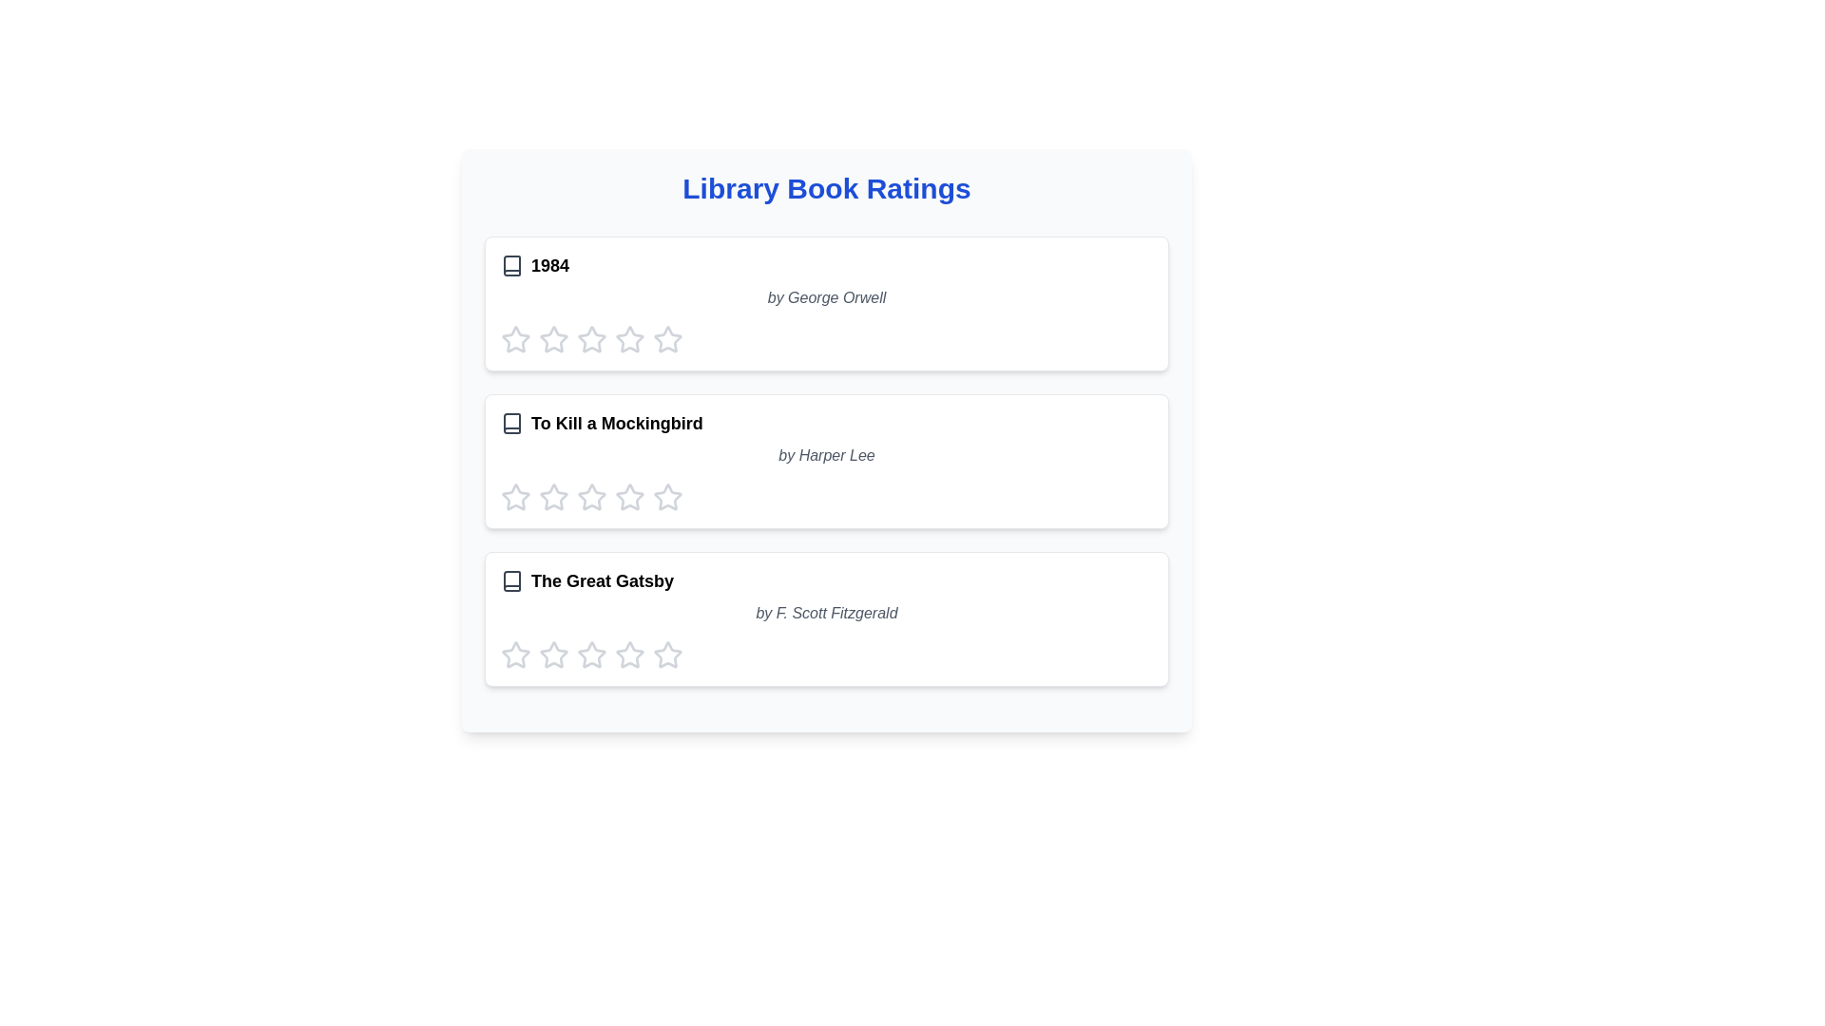 Image resolution: width=1825 pixels, height=1026 pixels. I want to click on the decorative book icon representing 'To Kill a Mockingbird', which is located in the second row of the list, immediately next to the text, so click(511, 423).